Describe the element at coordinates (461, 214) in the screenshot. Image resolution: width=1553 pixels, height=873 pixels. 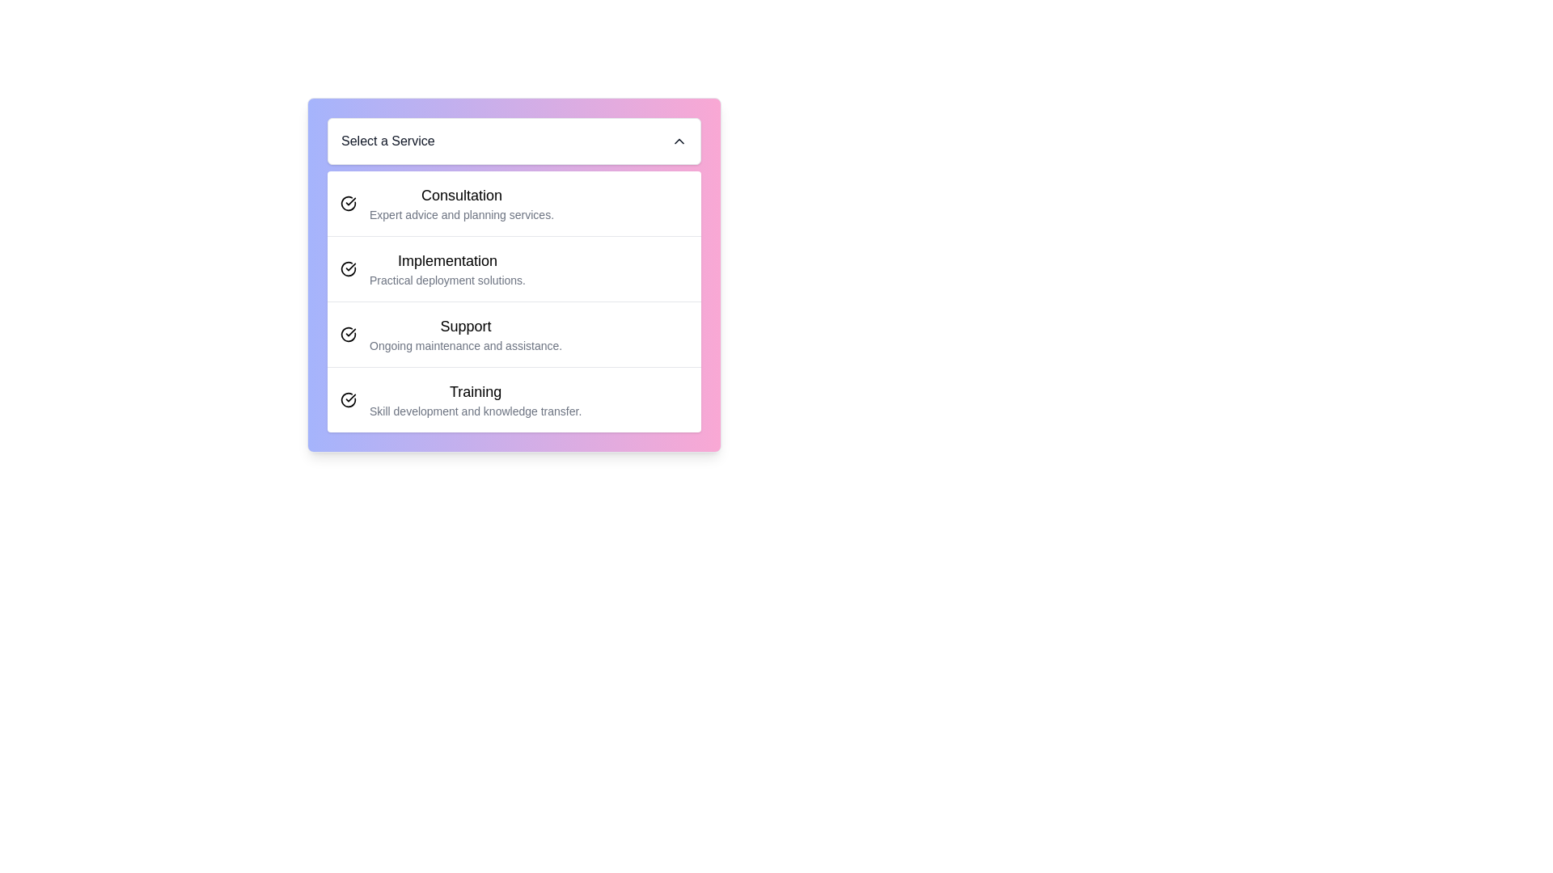
I see `the description text element providing information about the 'Consultation' service, located beneath the heading 'Consultation' in the 'Select a Service' menu` at that location.